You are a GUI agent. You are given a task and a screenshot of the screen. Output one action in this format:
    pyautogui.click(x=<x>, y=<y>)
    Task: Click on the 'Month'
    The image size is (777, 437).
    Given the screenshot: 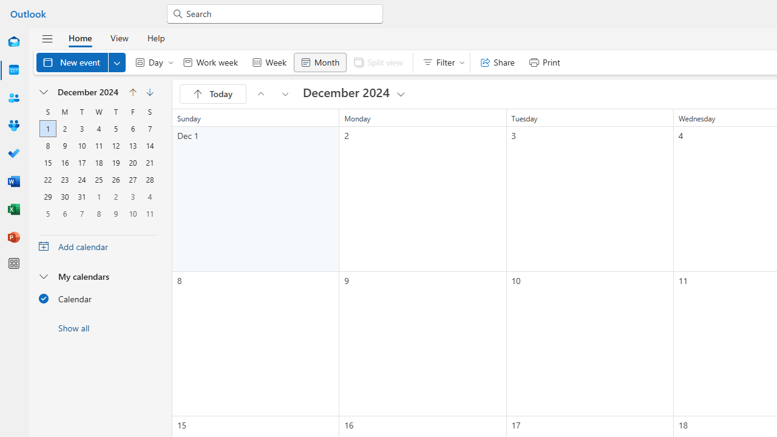 What is the action you would take?
    pyautogui.click(x=320, y=62)
    